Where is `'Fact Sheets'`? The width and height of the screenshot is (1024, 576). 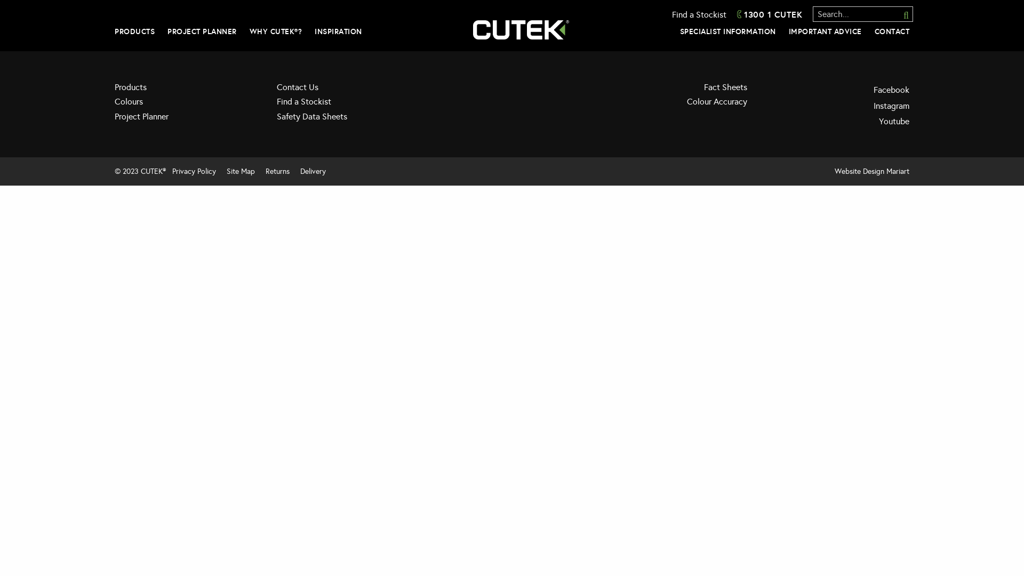
'Fact Sheets' is located at coordinates (673, 90).